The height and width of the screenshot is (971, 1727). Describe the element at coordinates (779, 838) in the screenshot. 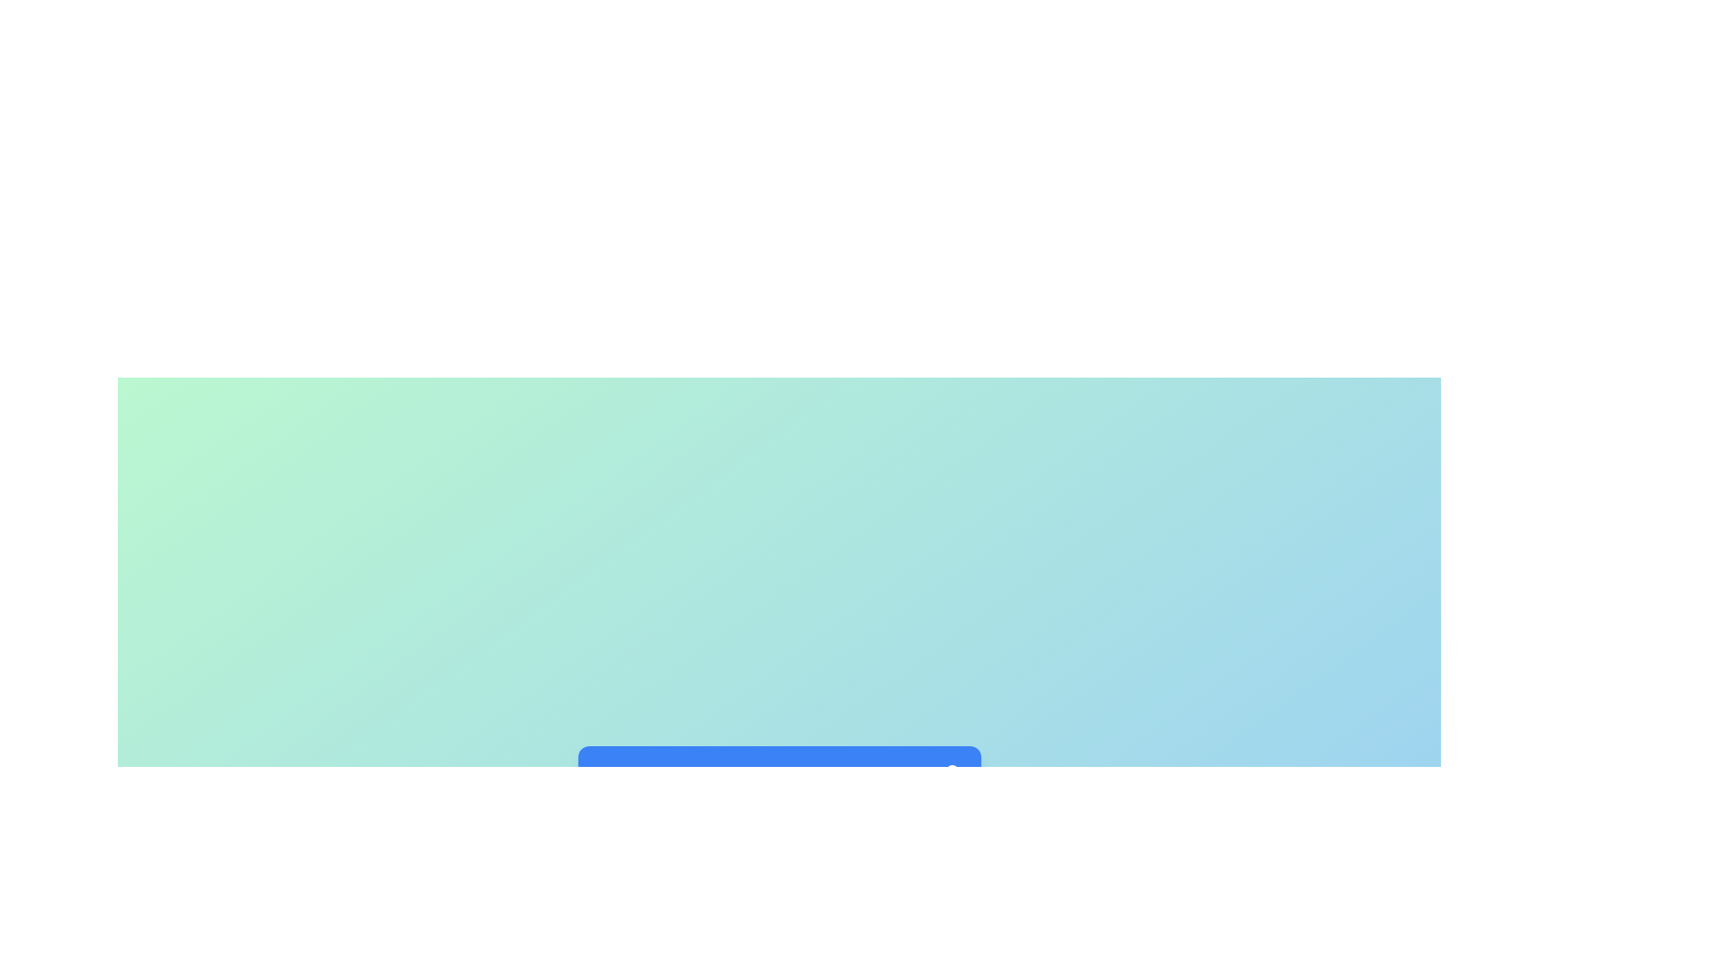

I see `the status icon of the Notification item which has a light gray background and contains a green checkmark inside a circle, indicating that the system update is complete` at that location.